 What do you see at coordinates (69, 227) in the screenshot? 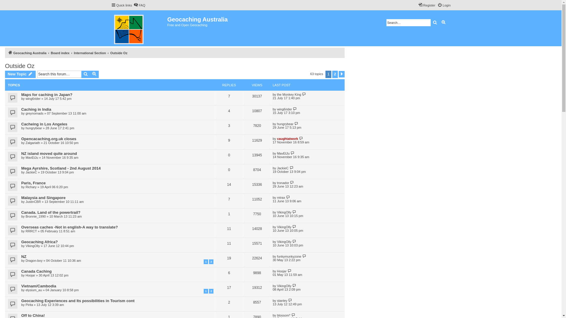
I see `'Overseas caches -Not in english-A way to translate?'` at bounding box center [69, 227].